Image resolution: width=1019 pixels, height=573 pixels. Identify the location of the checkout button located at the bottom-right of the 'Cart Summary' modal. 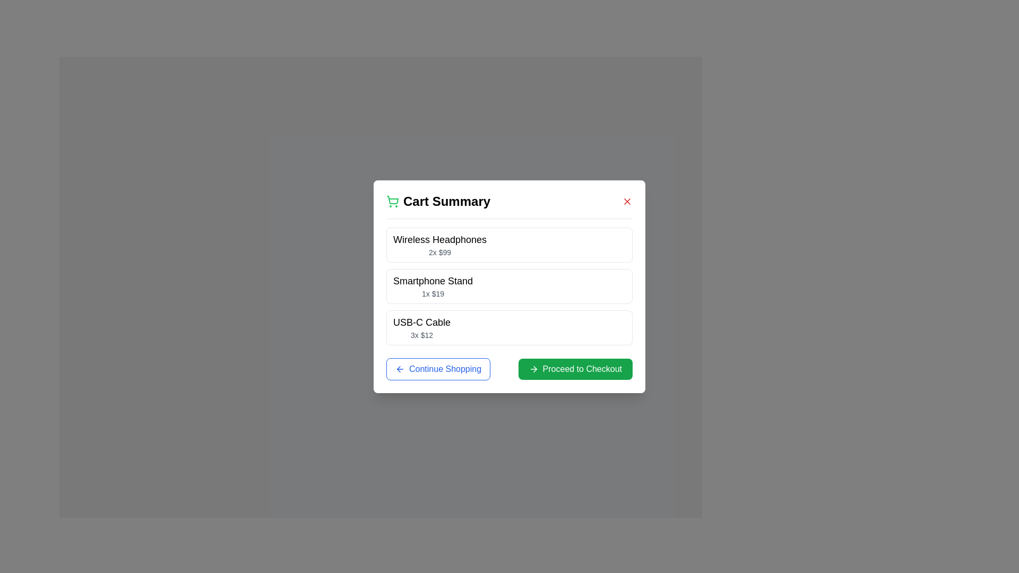
(575, 368).